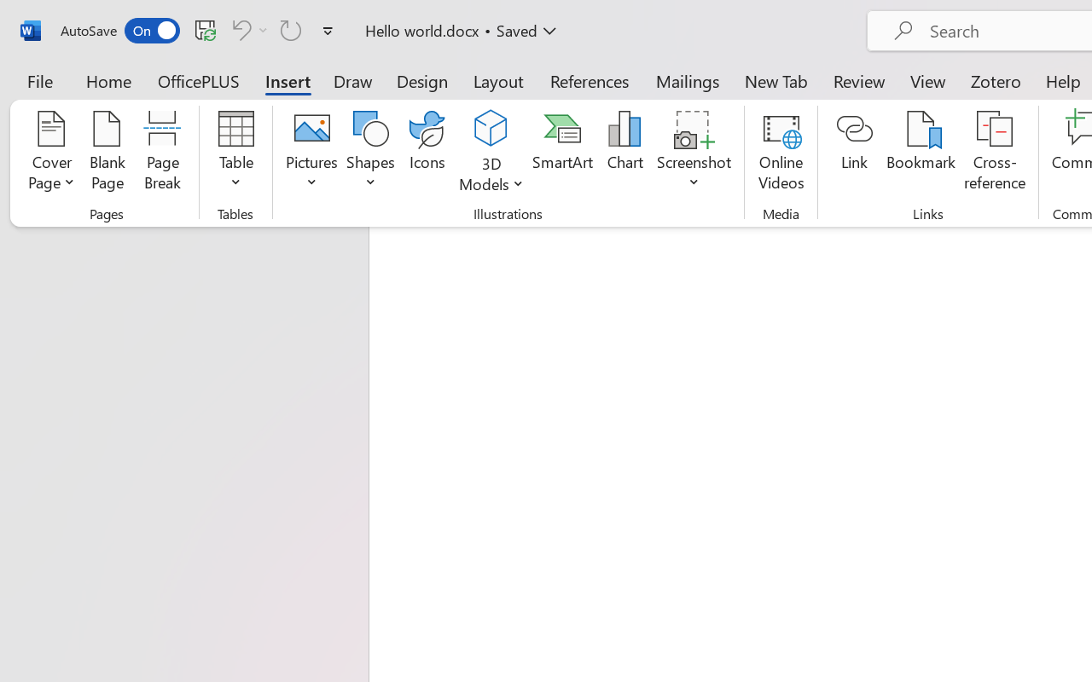 This screenshot has height=682, width=1092. I want to click on 'File Tab', so click(39, 80).